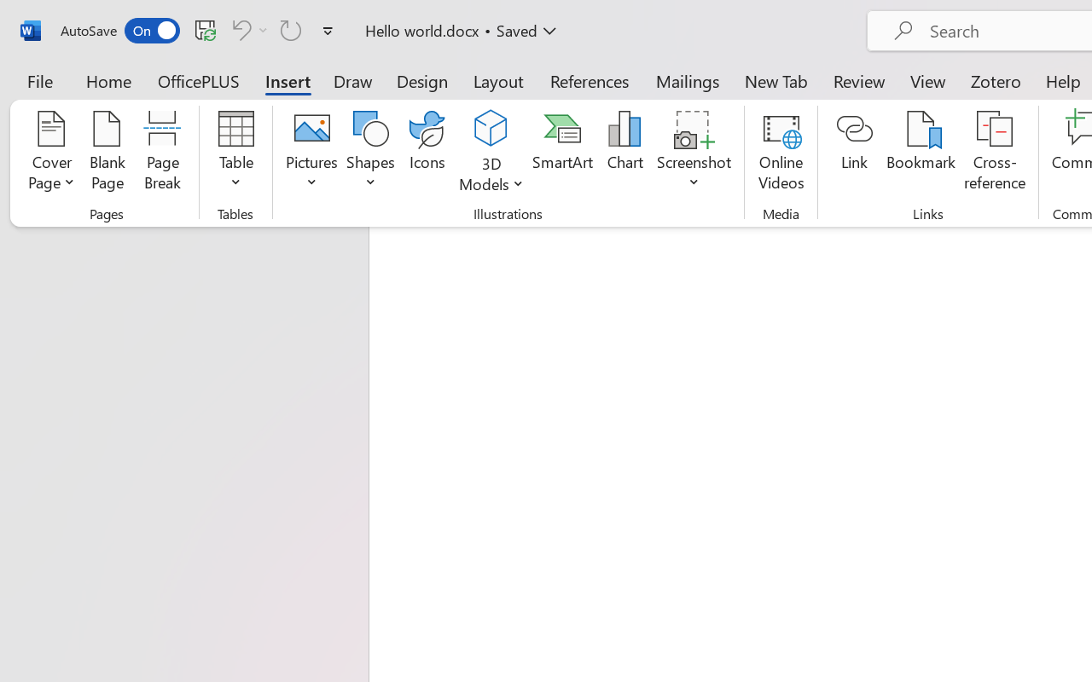 This screenshot has height=682, width=1092. I want to click on 'File Tab', so click(39, 80).